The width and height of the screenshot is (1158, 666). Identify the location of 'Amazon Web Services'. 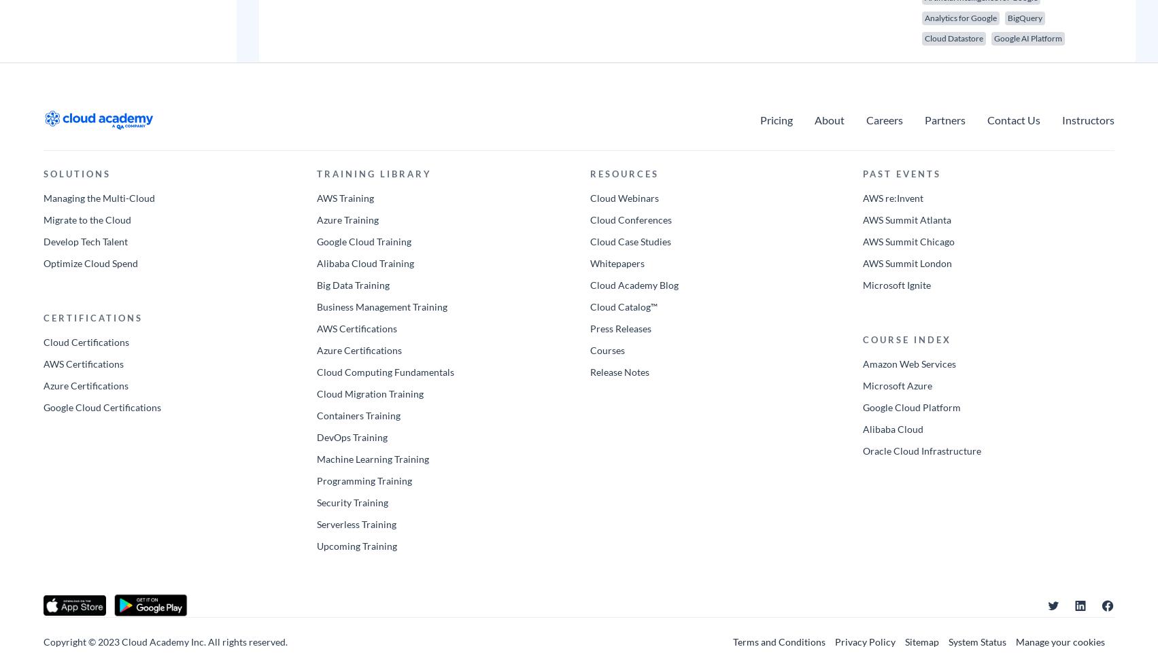
(908, 364).